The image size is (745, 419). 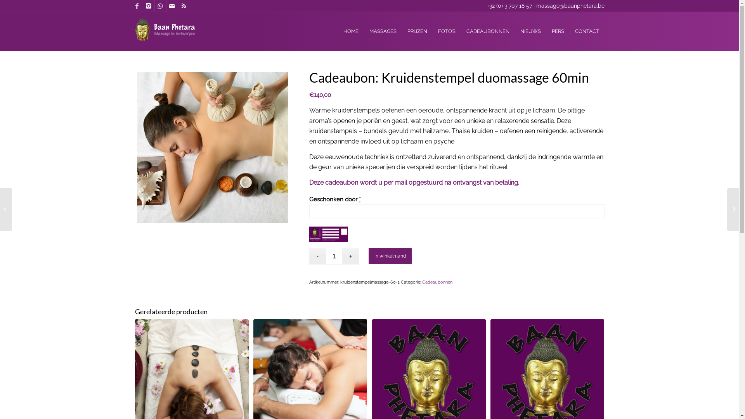 I want to click on 'Aantal', so click(x=326, y=256).